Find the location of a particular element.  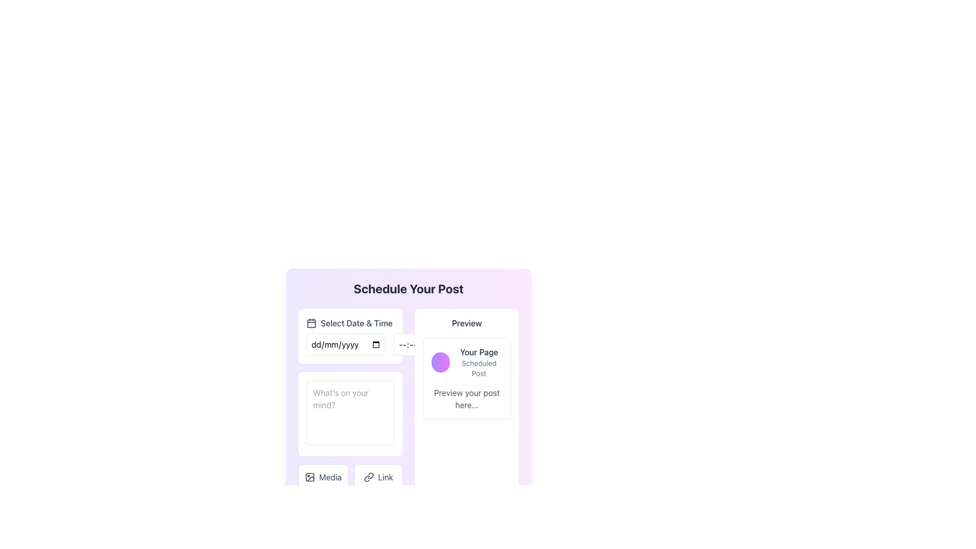

the topmost graphical icon component, which is a rectangle with slightly rounded corners, positioned towards the center-bottom of the preview interface is located at coordinates (309, 477).